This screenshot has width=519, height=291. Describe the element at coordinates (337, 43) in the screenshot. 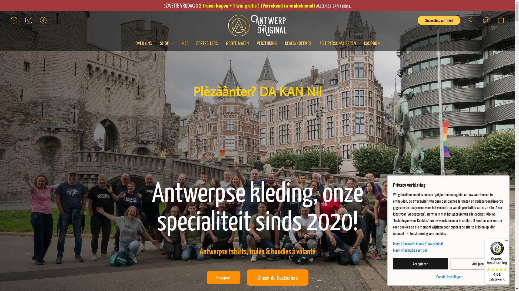

I see `'ZELF PERSONALISEREN'` at that location.